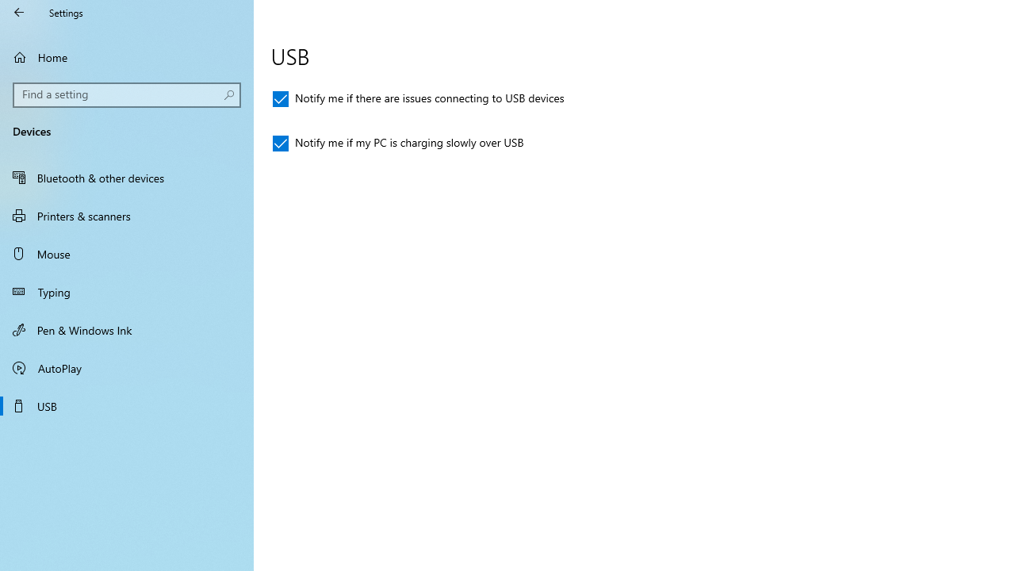 This screenshot has width=1015, height=571. What do you see at coordinates (127, 291) in the screenshot?
I see `'Typing'` at bounding box center [127, 291].